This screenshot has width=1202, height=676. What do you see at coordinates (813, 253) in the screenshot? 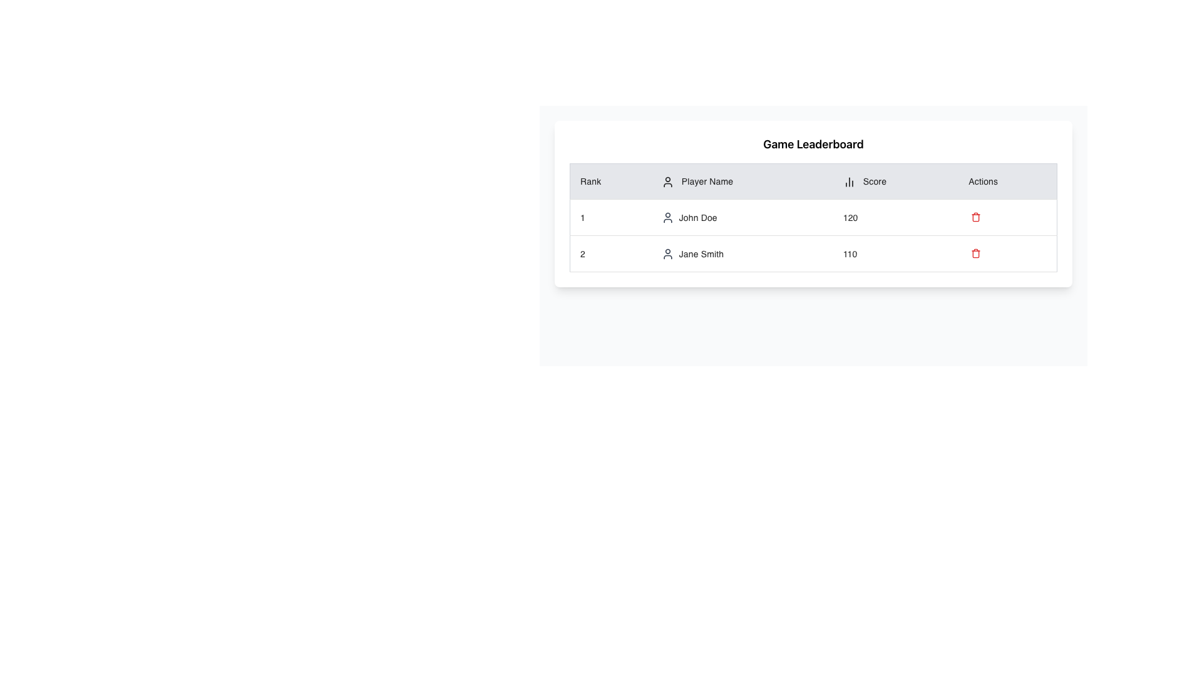
I see `the table row displaying the player 'Jane Smith' for further actions by clicking on its center` at bounding box center [813, 253].